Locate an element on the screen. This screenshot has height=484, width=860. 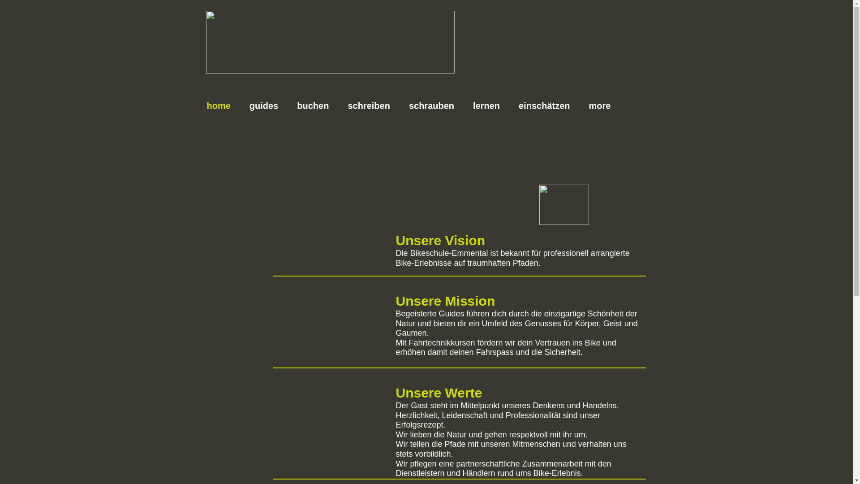
'schrauben' is located at coordinates (431, 105).